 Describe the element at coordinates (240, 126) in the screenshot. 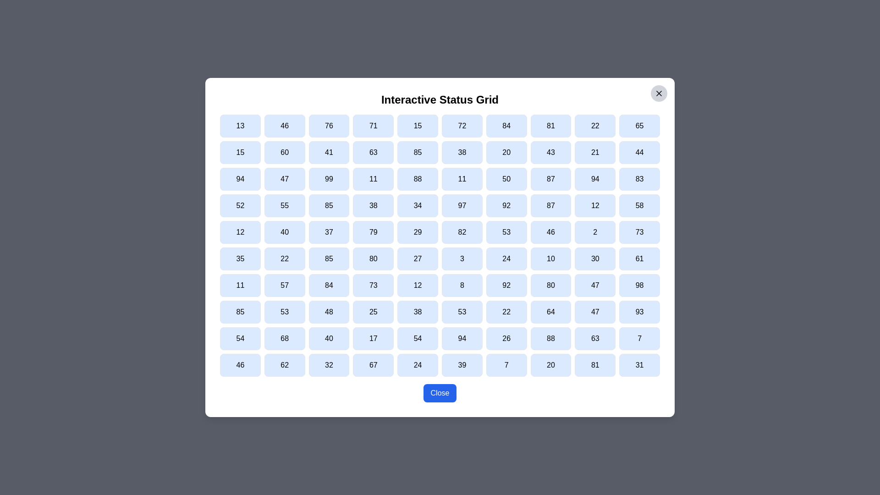

I see `the grid cell containing the value '13'` at that location.